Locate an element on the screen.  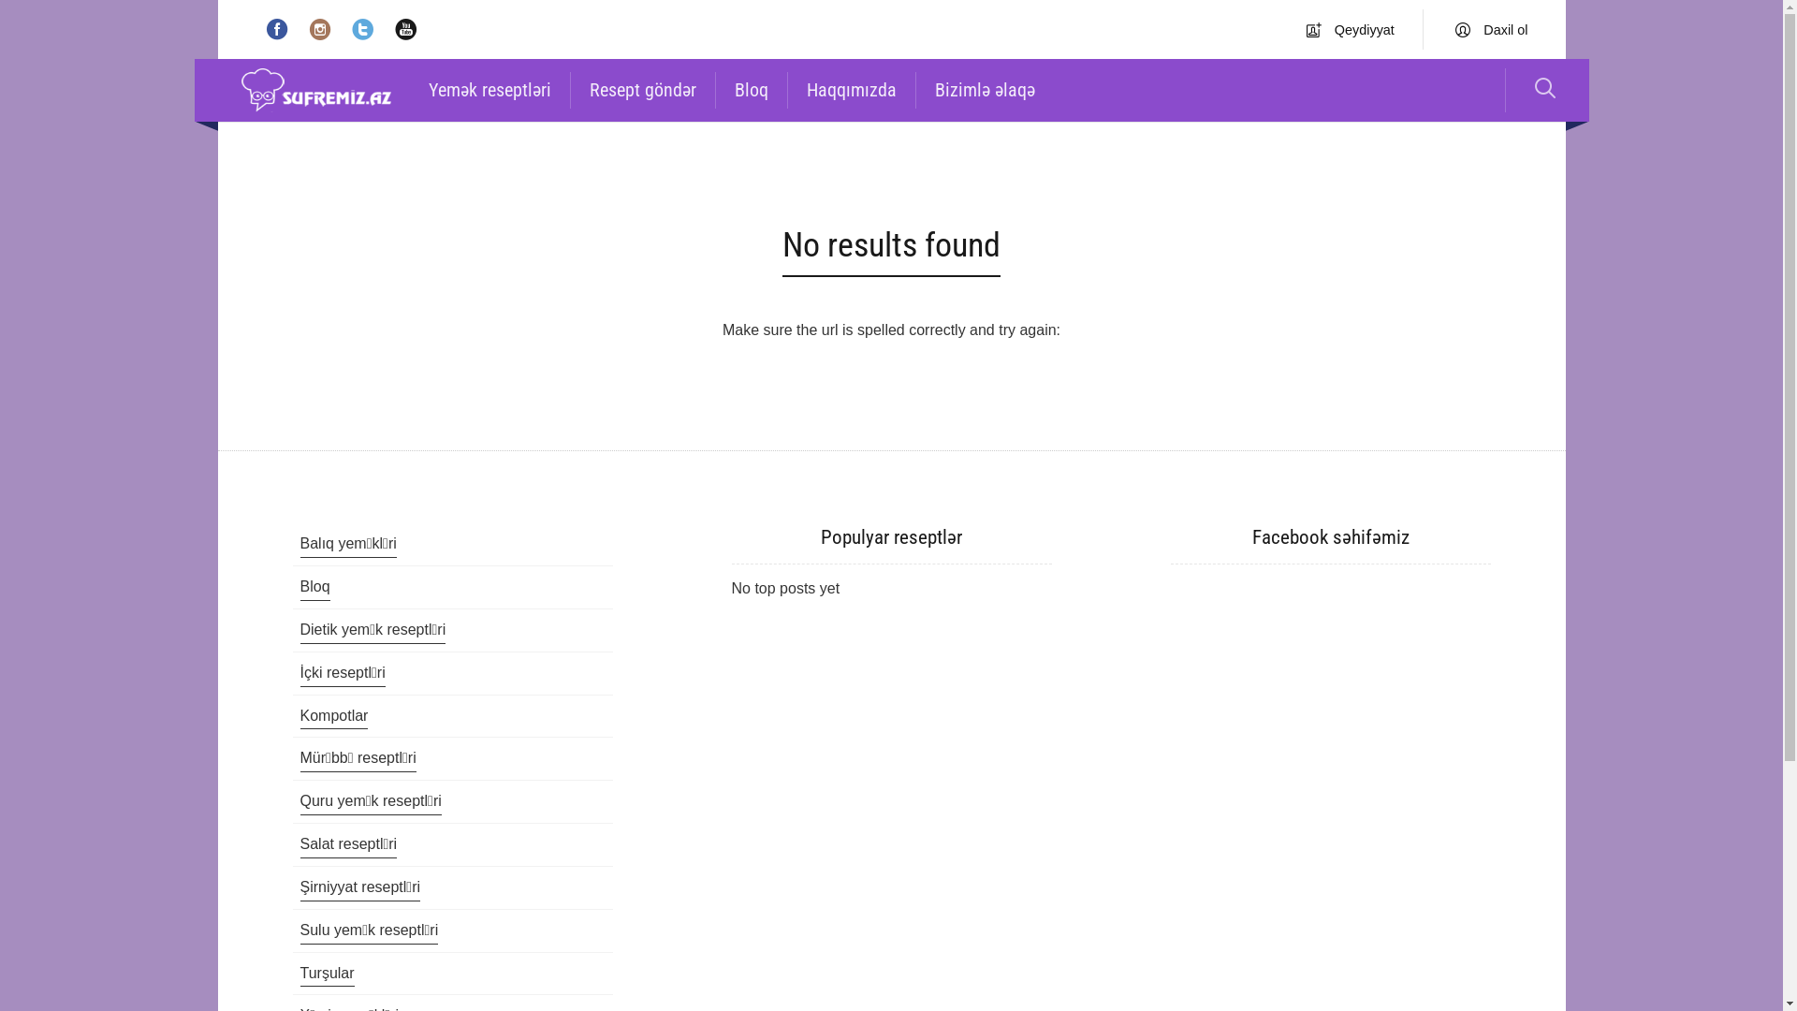
'Daxil ol' is located at coordinates (1490, 29).